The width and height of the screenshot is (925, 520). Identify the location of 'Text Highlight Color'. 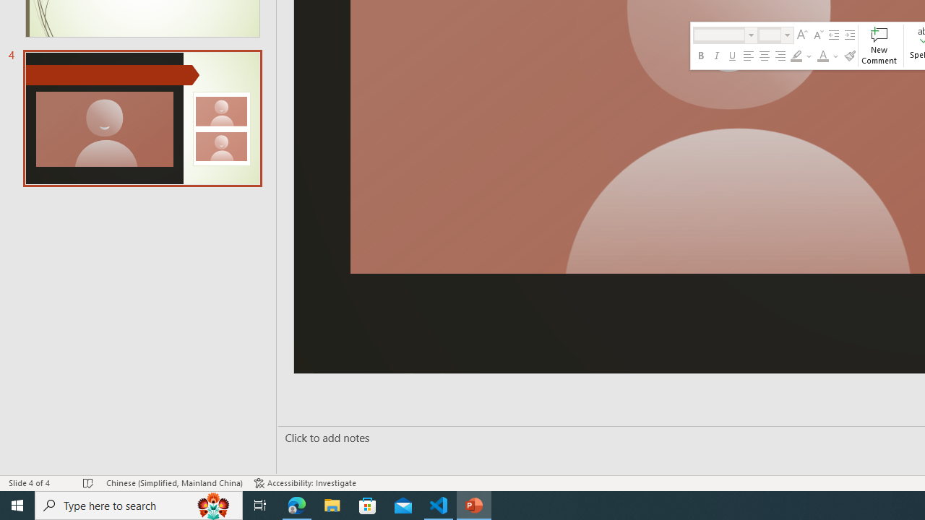
(796, 56).